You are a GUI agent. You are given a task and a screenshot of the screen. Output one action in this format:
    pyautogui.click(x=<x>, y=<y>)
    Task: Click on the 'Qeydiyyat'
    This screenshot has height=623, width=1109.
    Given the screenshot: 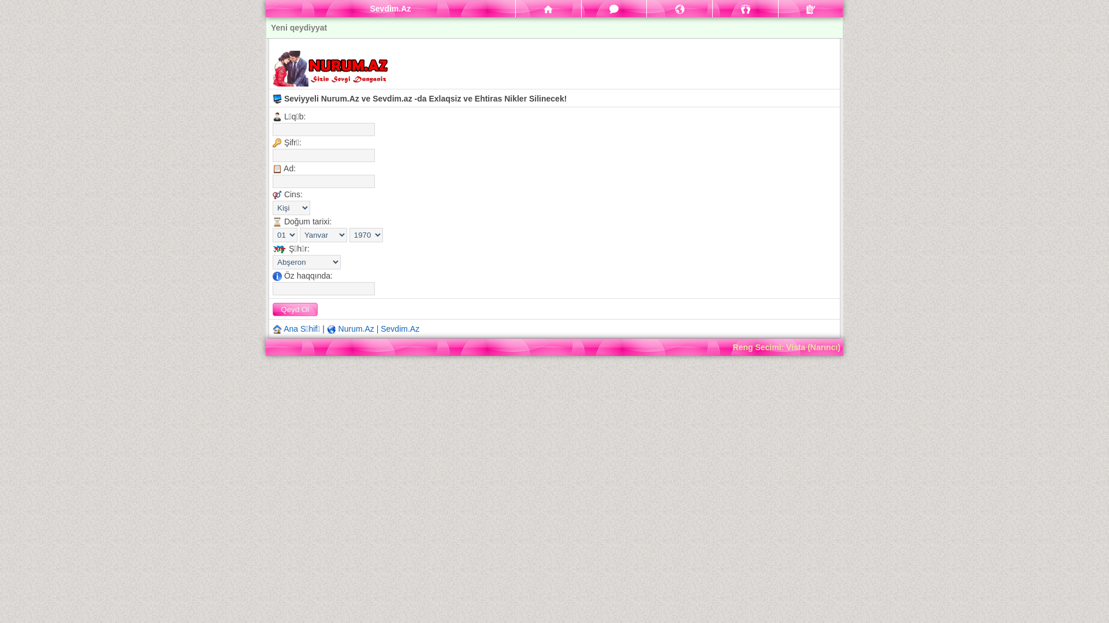 What is the action you would take?
    pyautogui.click(x=810, y=9)
    